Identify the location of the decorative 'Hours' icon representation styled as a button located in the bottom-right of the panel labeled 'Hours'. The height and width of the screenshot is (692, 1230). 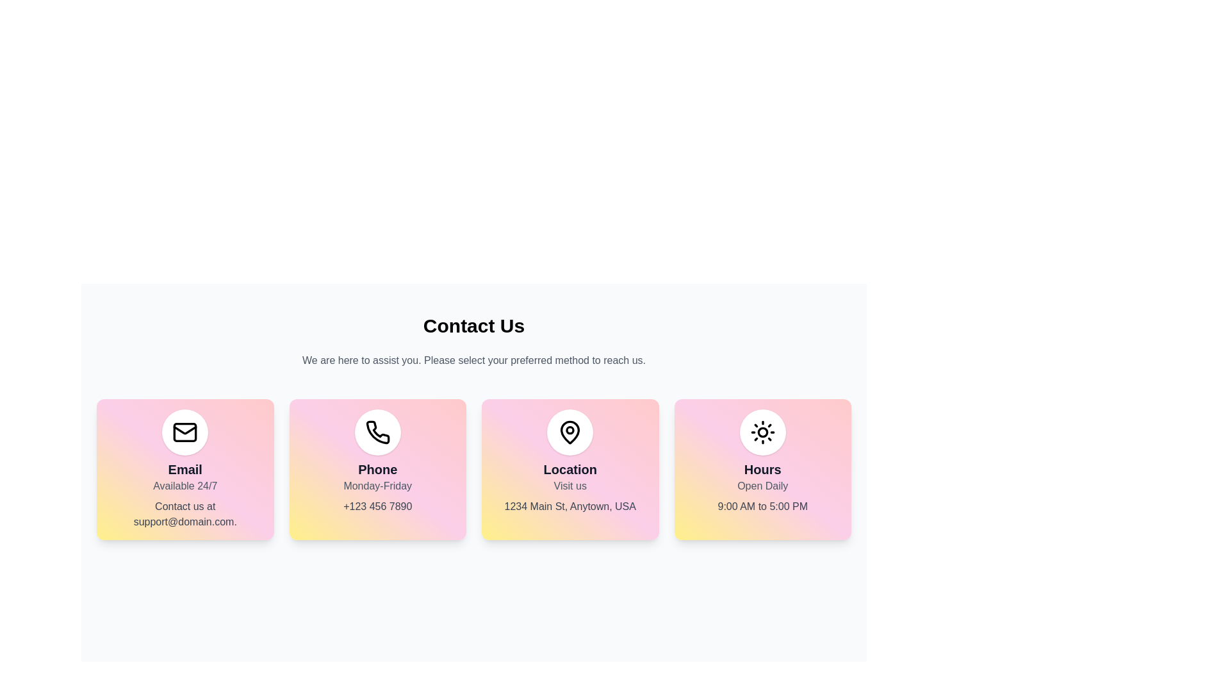
(762, 432).